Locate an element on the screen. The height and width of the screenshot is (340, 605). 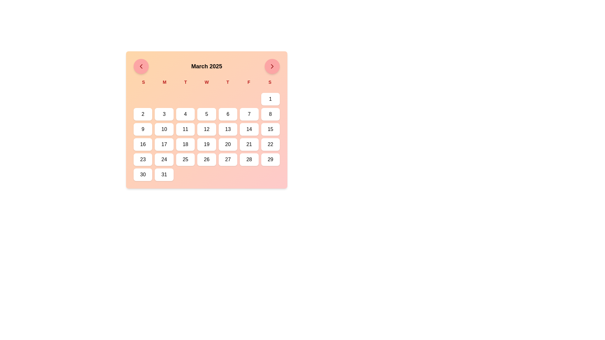
the selectable date button for March 19, 2025 is located at coordinates (207, 144).